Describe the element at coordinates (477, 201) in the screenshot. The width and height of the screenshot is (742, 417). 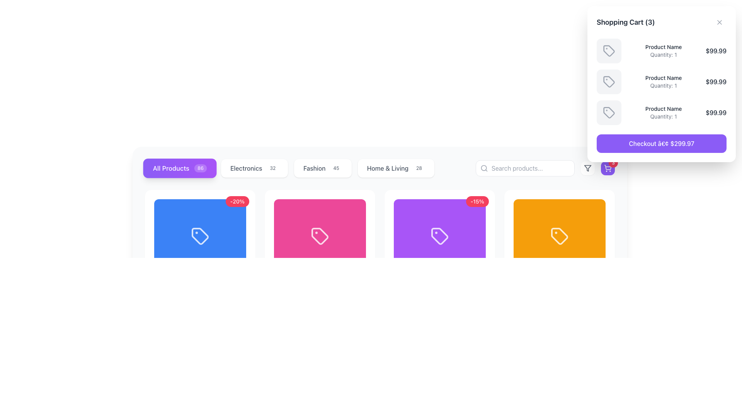
I see `the red oval-shaped badge containing the text '-15%' located in the top-right corner of the purple product card` at that location.